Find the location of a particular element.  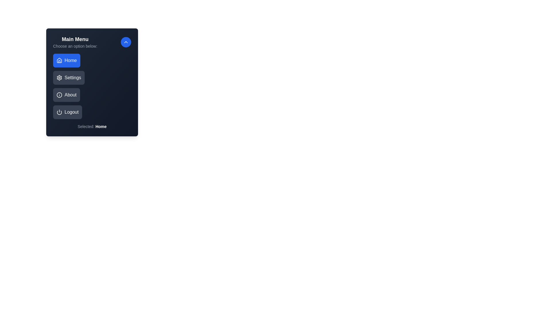

the information icon located within the 'About' button in the navigation menu, positioned to the left of the text label is located at coordinates (59, 95).